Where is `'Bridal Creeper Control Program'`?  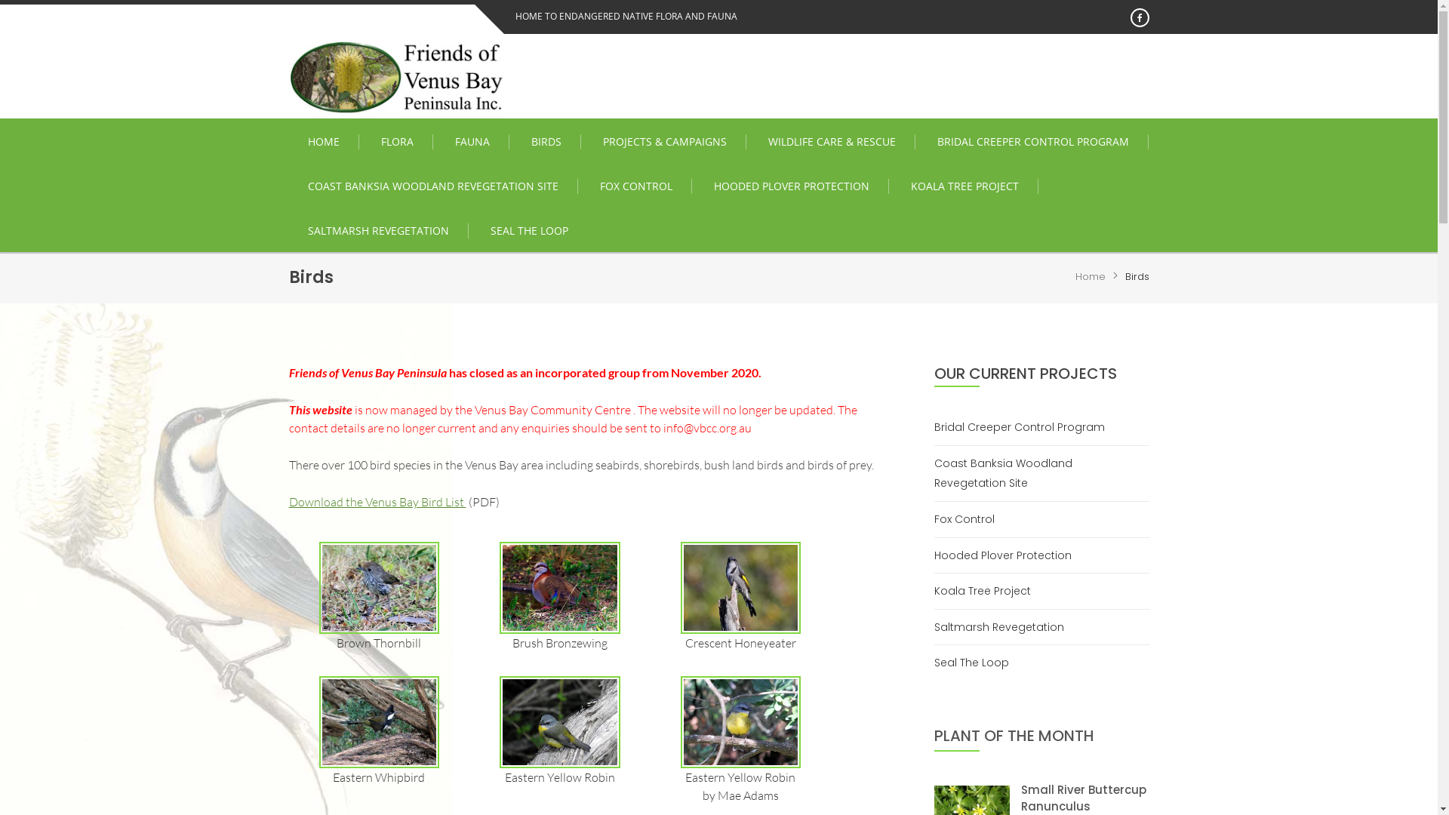 'Bridal Creeper Control Program' is located at coordinates (1025, 427).